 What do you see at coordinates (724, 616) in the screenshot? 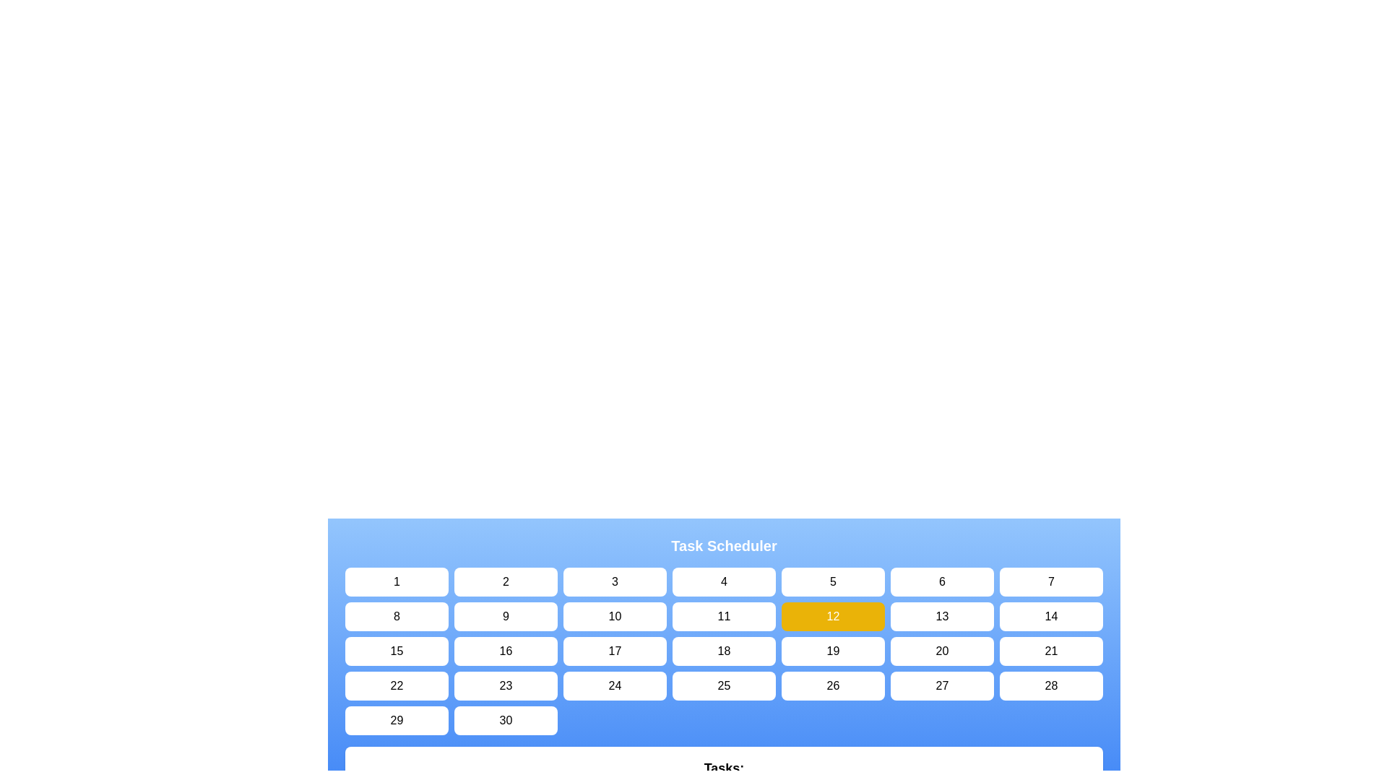
I see `the button labeled '11' located in the second row and fourth column of the grid` at bounding box center [724, 616].